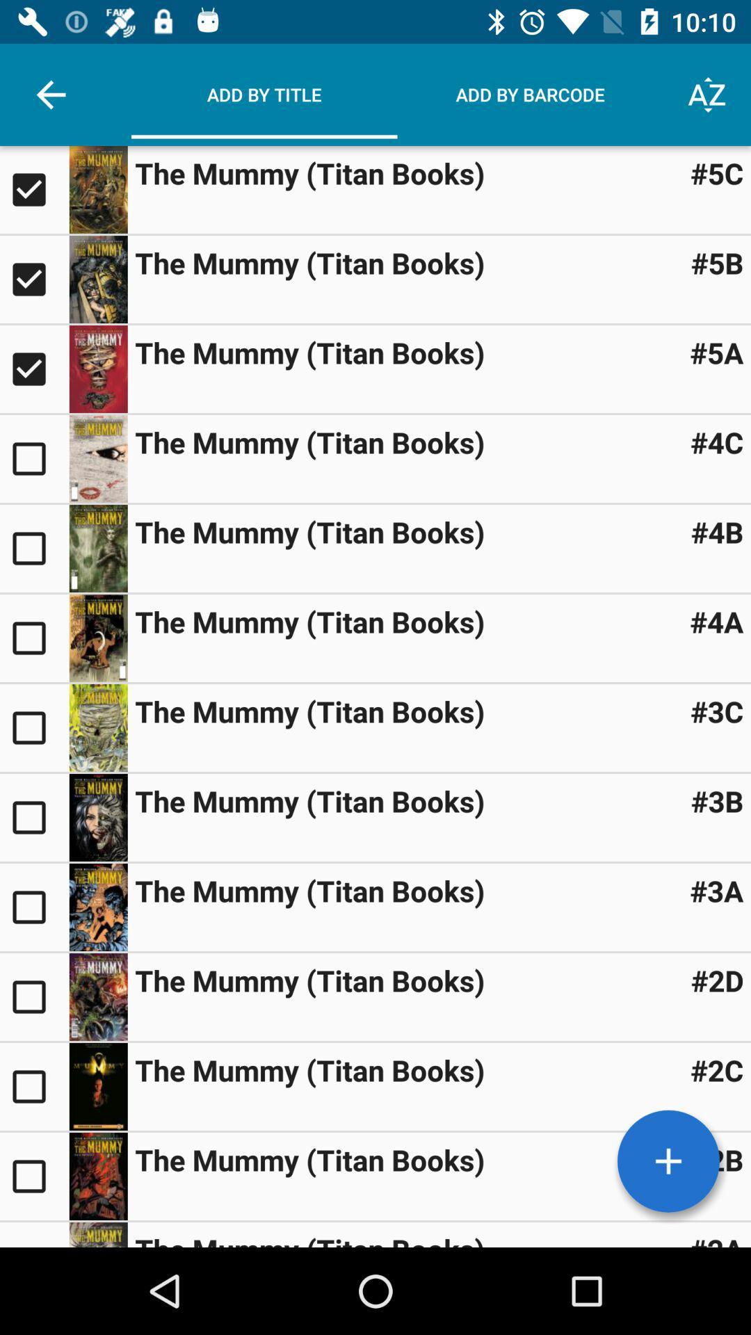 This screenshot has height=1335, width=751. What do you see at coordinates (717, 441) in the screenshot?
I see `item to the right of the the mummy titan item` at bounding box center [717, 441].